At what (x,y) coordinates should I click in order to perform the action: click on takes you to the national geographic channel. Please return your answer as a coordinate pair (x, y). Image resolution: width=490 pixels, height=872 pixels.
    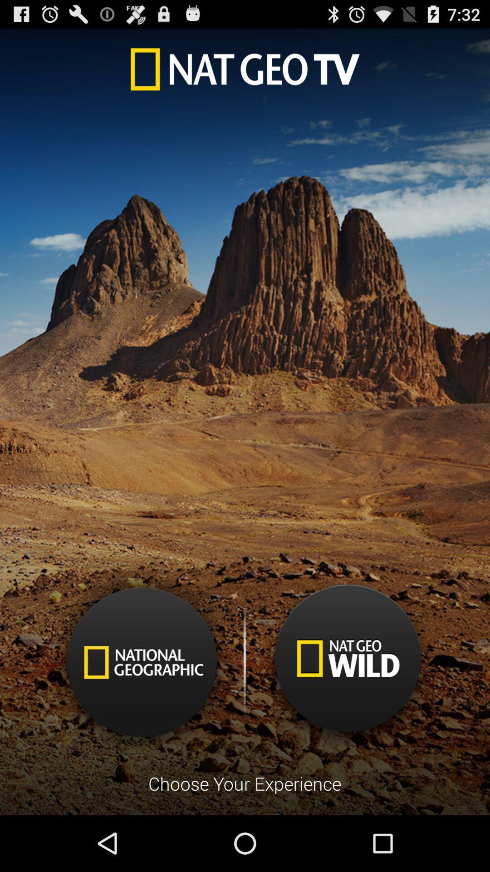
    Looking at the image, I should click on (142, 662).